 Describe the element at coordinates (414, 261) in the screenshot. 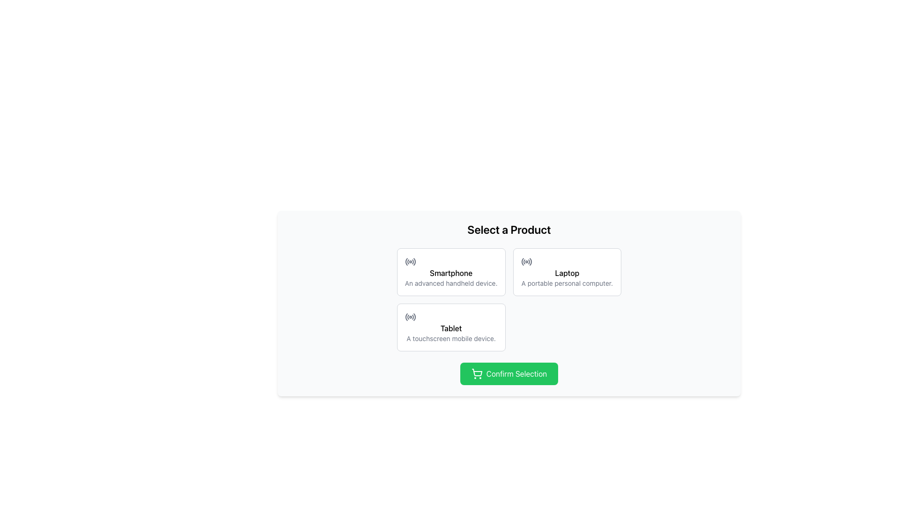

I see `the curved line forming part of the radio-style icon located to the left of the text 'Smartphone' in the button layout` at that location.